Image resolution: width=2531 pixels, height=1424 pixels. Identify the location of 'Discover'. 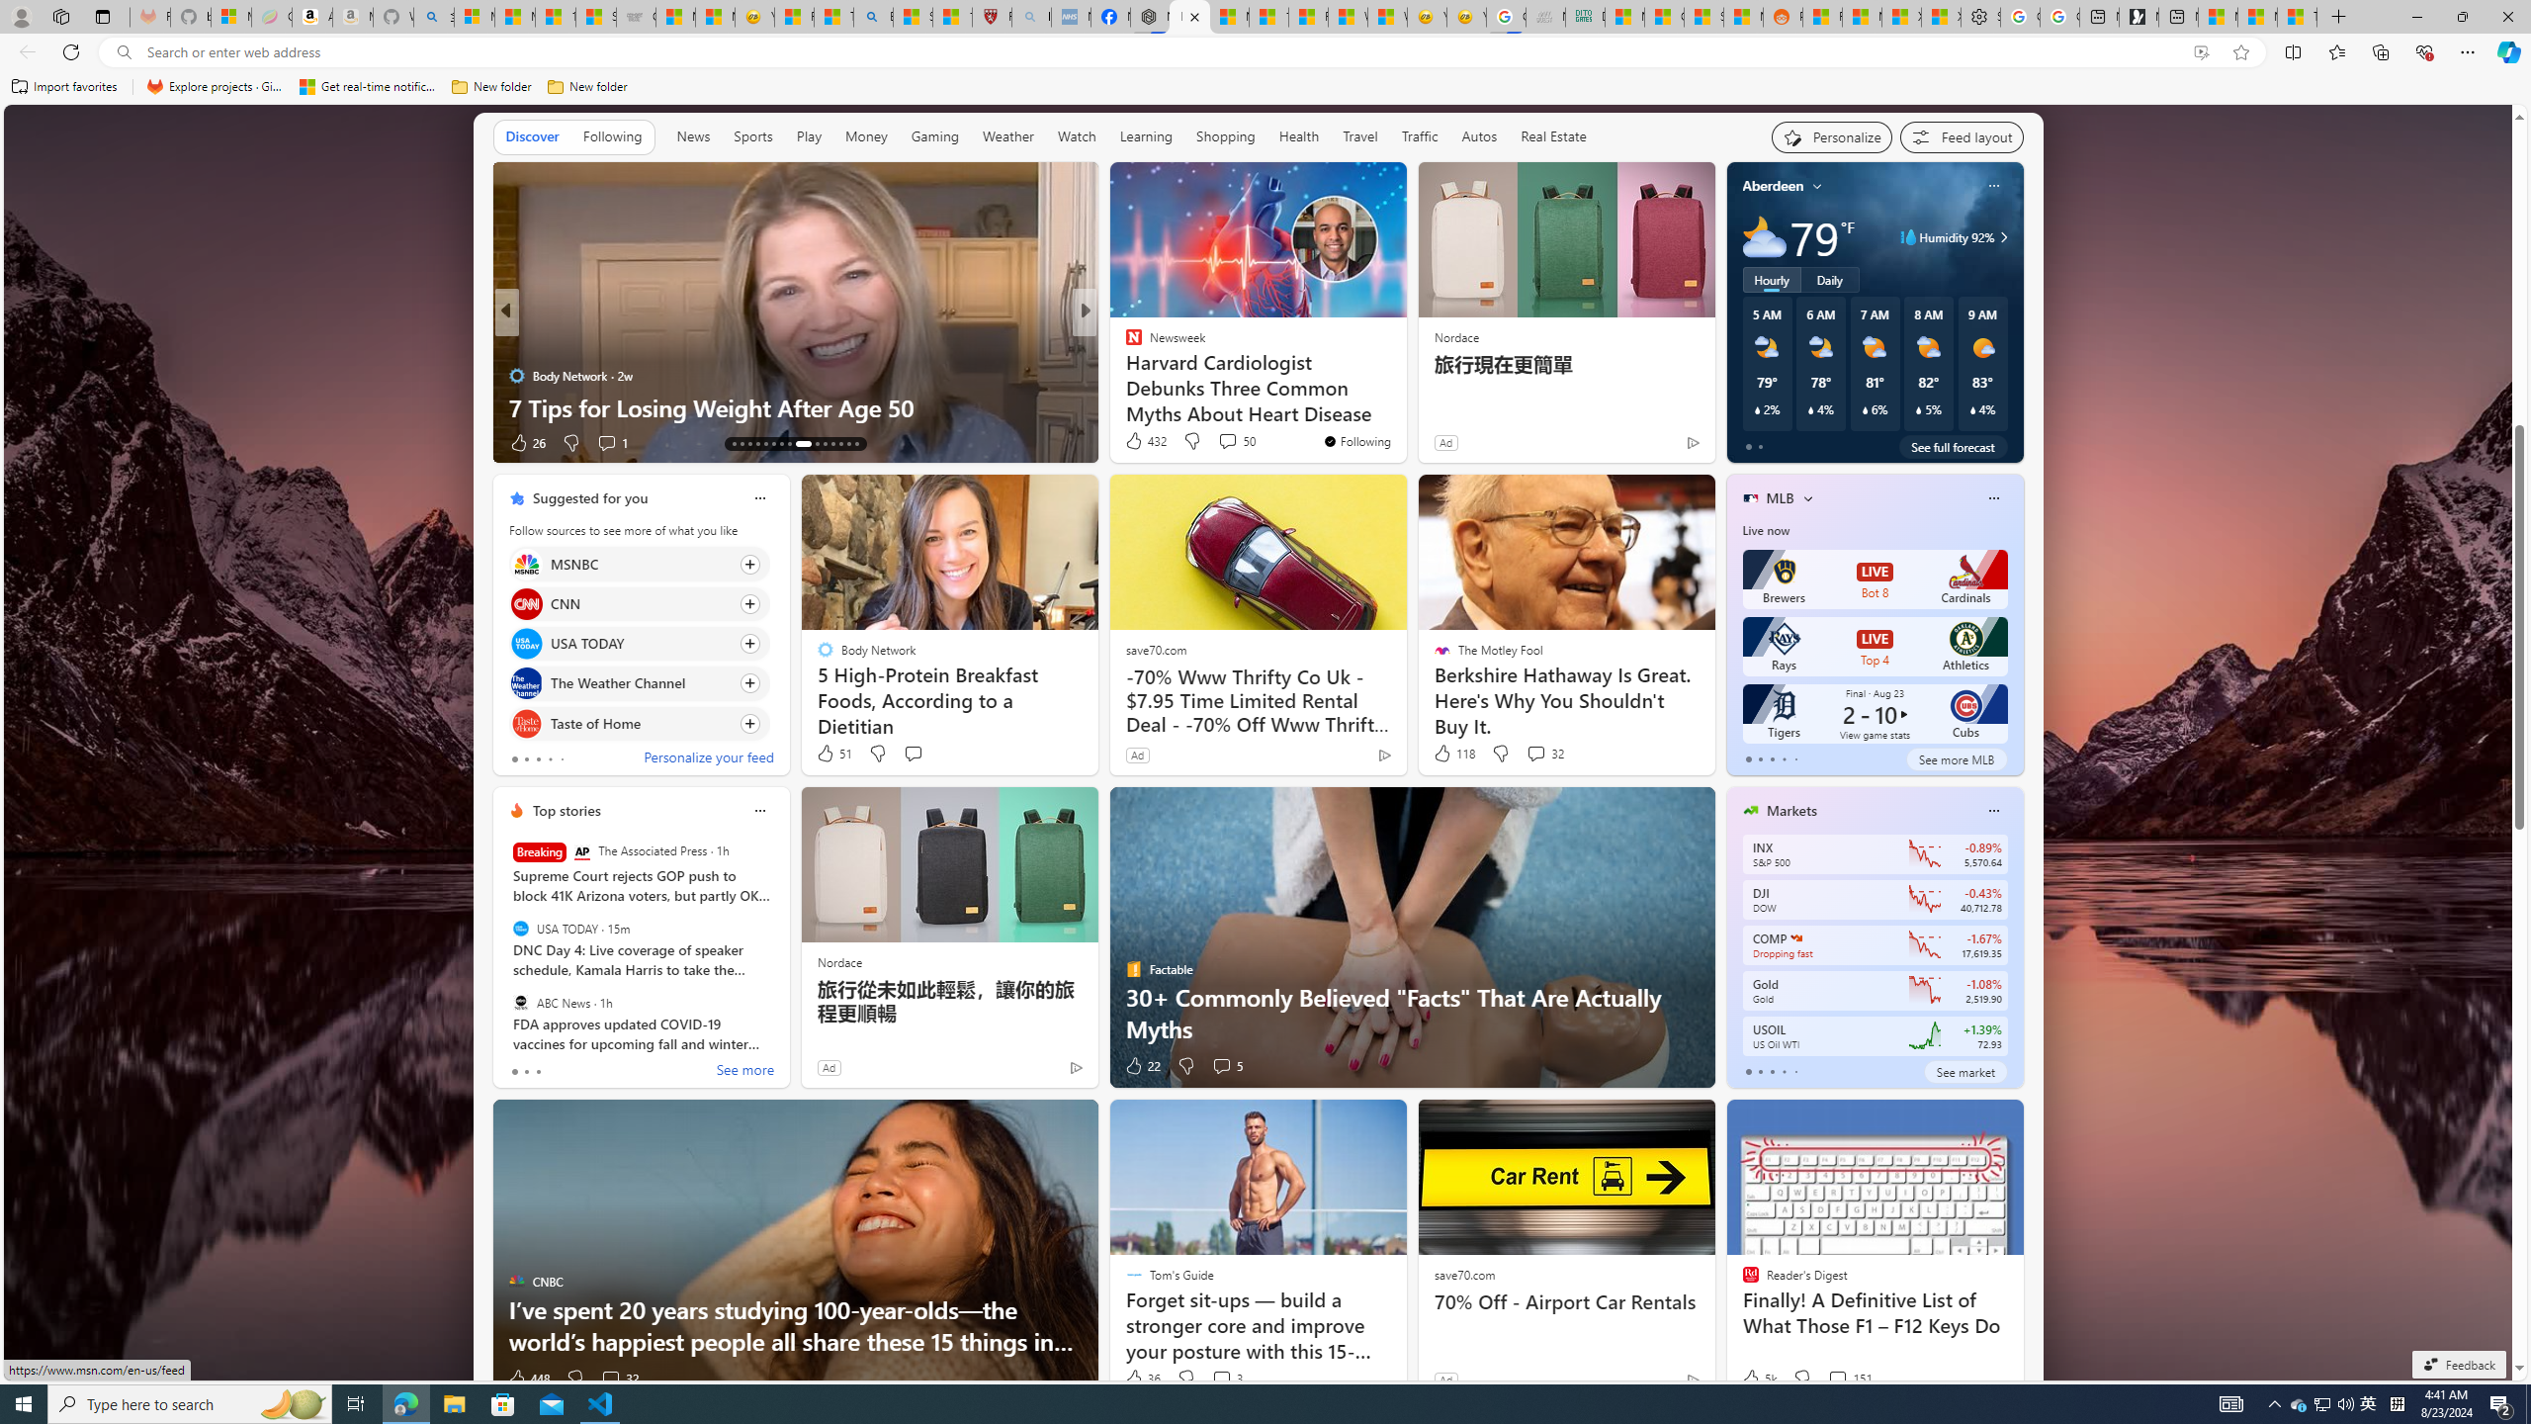
(532, 136).